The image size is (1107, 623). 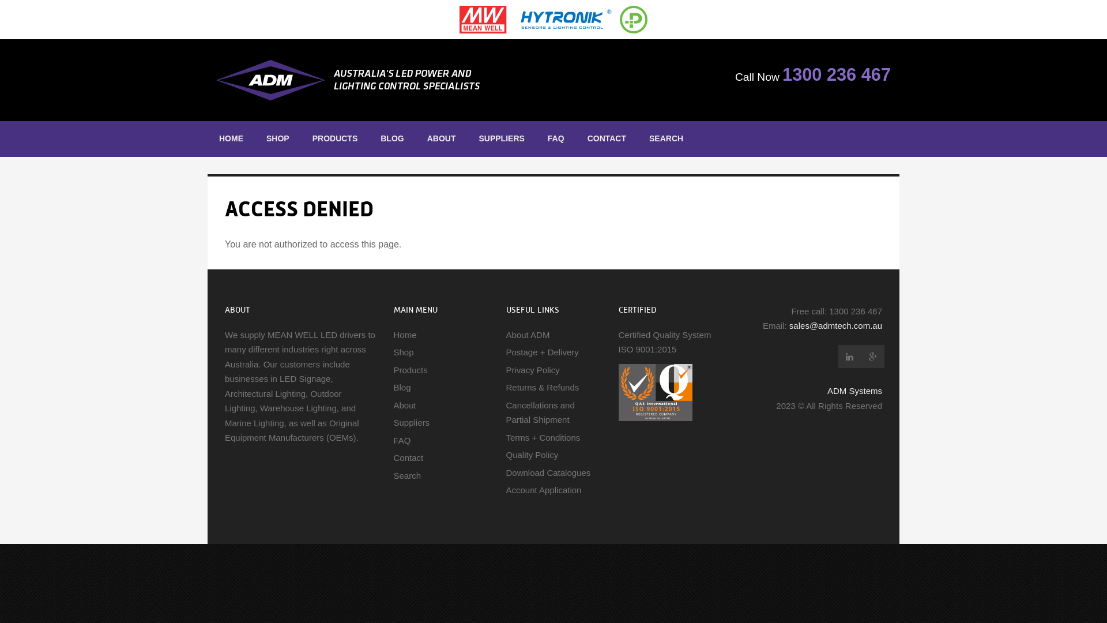 I want to click on 'Download Catalogues', so click(x=548, y=472).